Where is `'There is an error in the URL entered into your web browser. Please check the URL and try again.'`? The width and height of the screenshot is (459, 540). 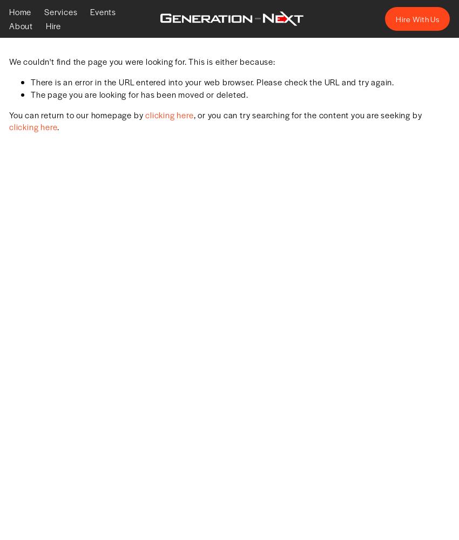
'There is an error in the URL entered into your web browser. Please check the URL and try again.' is located at coordinates (212, 82).